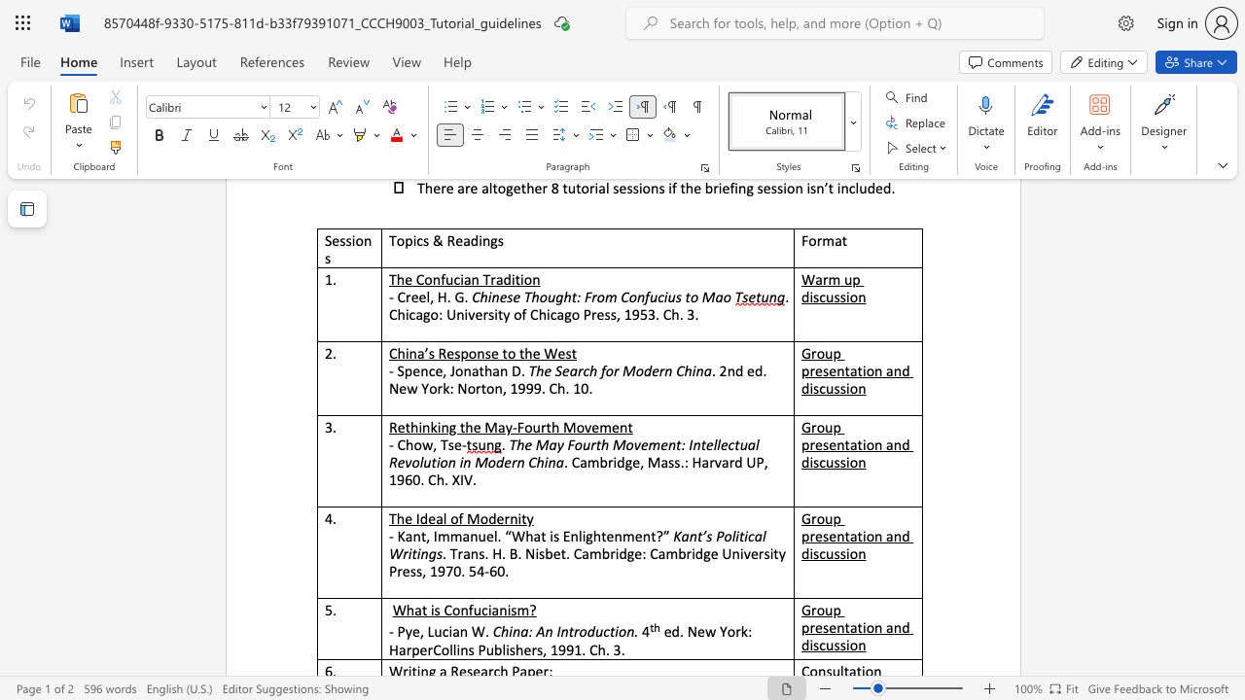  I want to click on the subset text "and discus" within the text "Group presentation and discussion", so click(885, 444).